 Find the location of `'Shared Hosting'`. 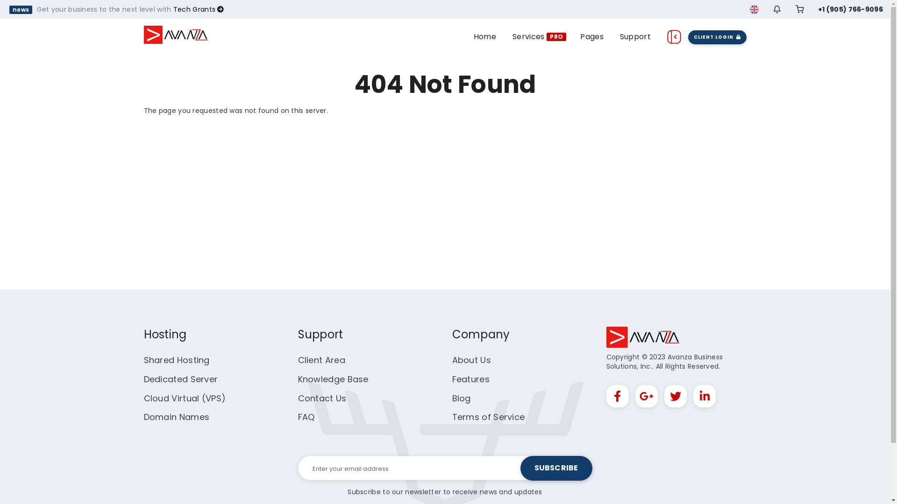

'Shared Hosting' is located at coordinates (177, 359).